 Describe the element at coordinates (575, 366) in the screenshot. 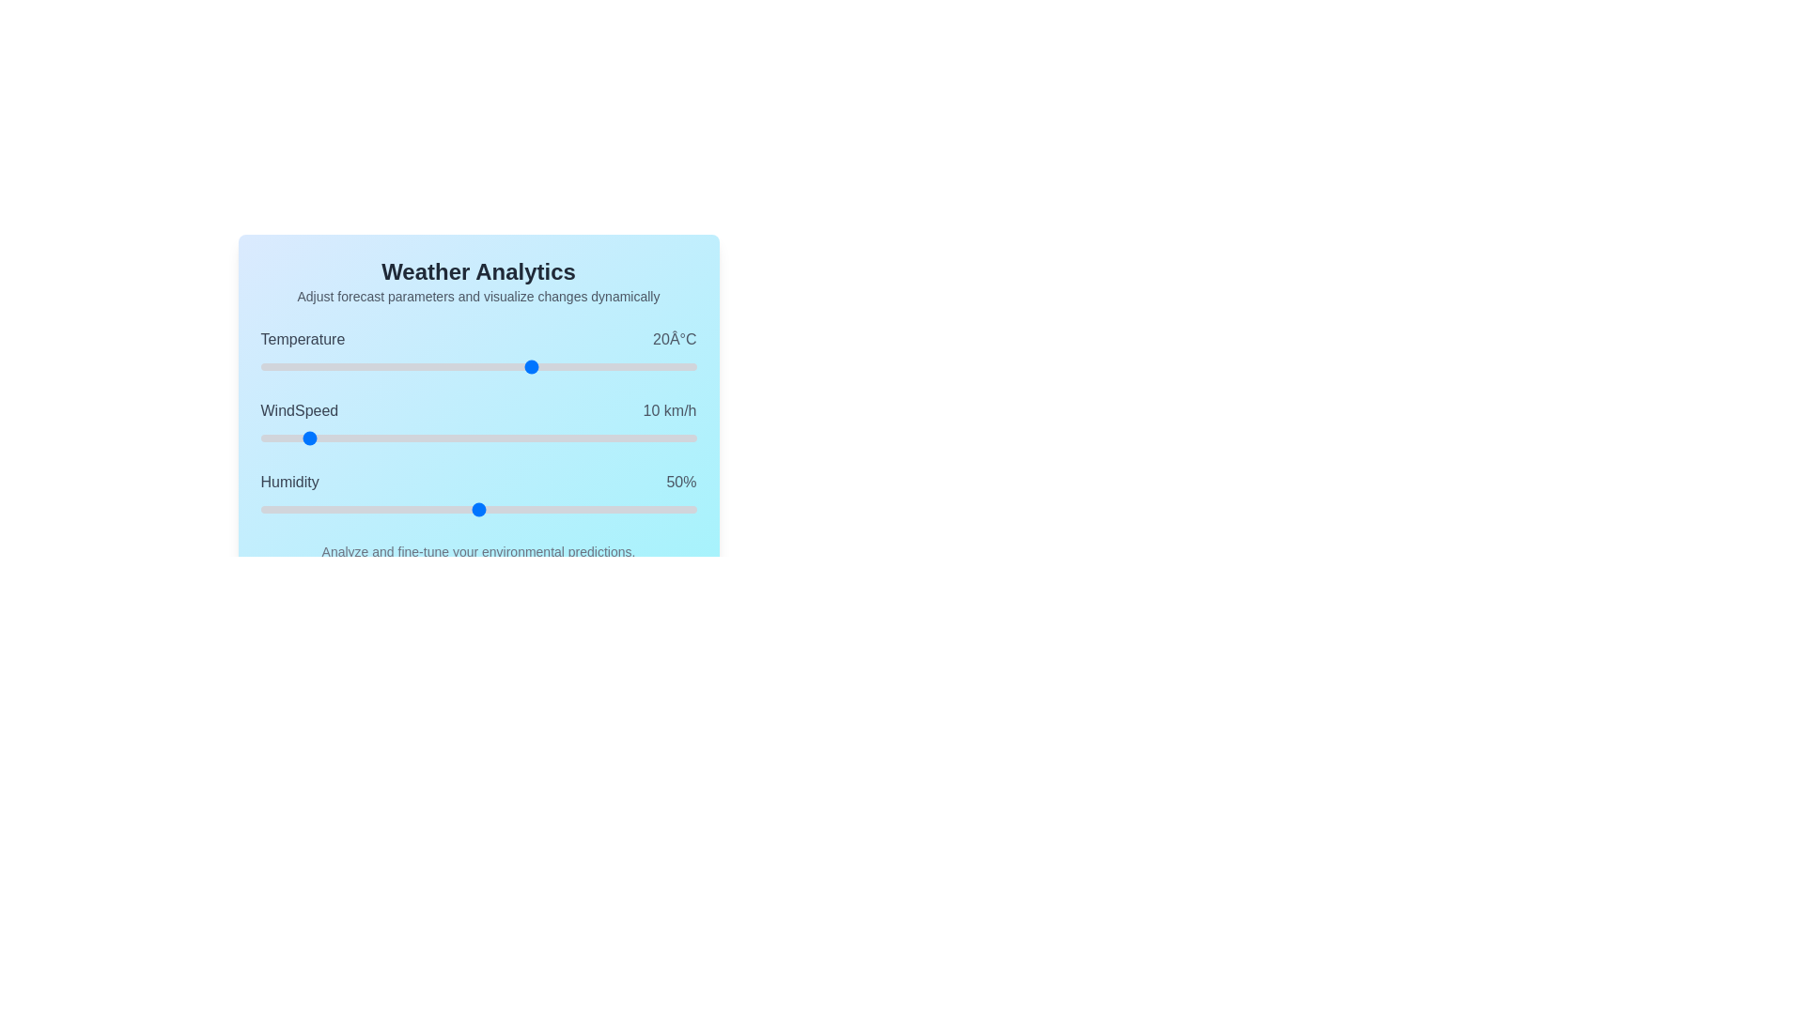

I see `the temperature slider to set the value to 28°C` at that location.